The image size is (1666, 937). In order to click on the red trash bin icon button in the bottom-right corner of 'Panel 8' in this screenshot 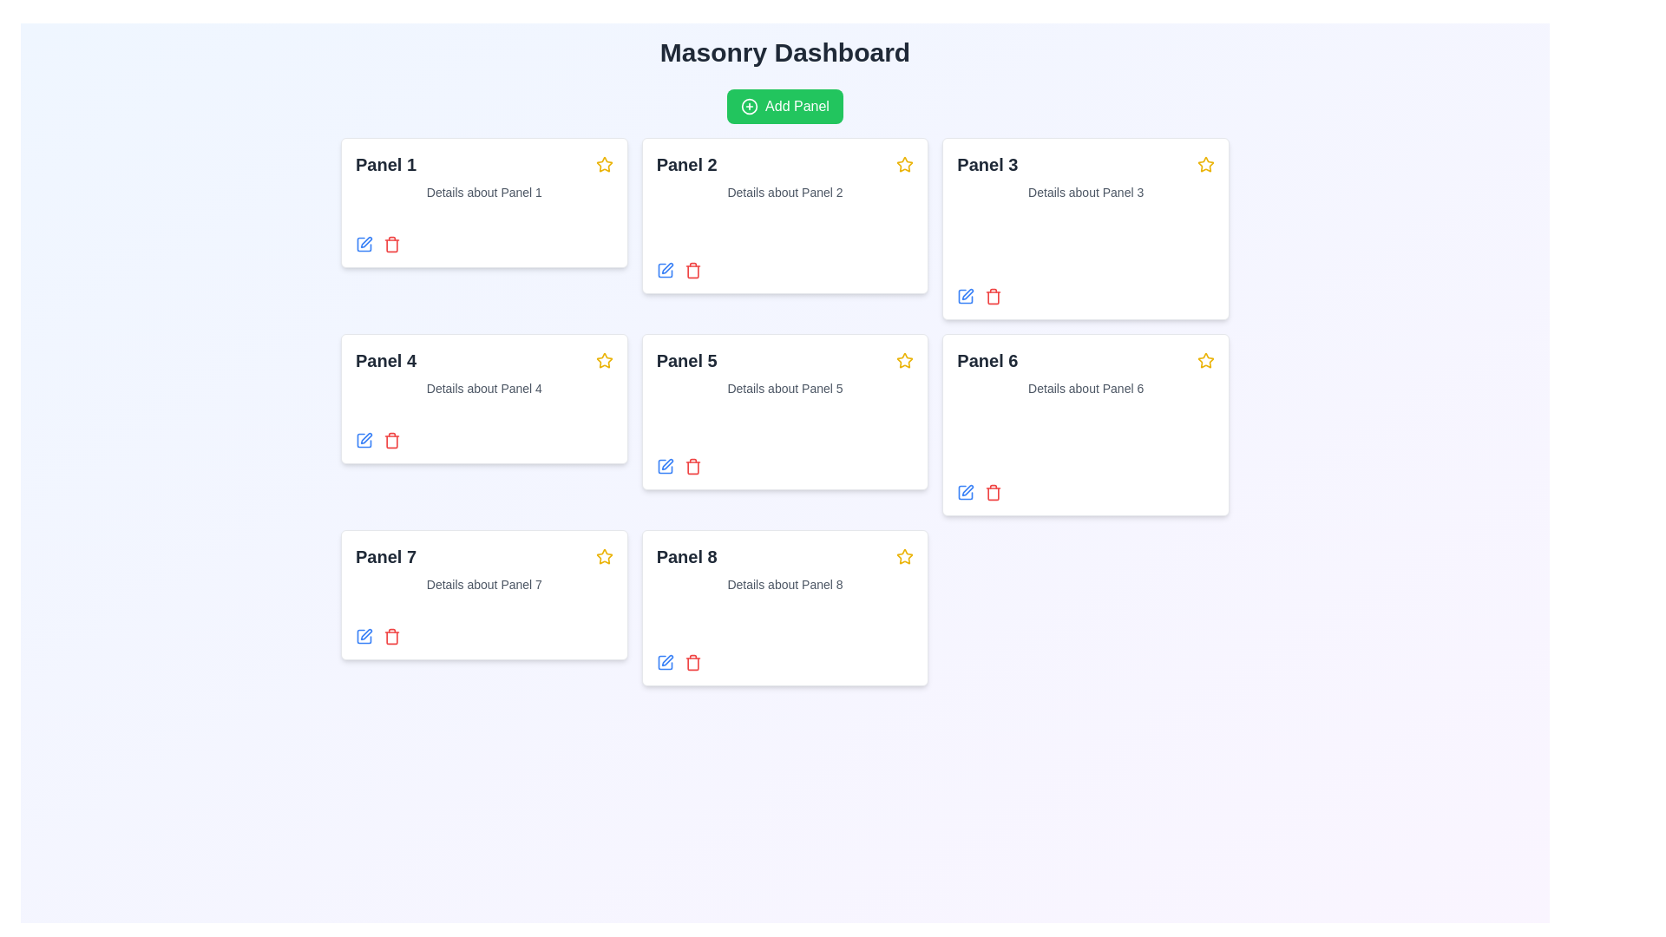, I will do `click(692, 662)`.